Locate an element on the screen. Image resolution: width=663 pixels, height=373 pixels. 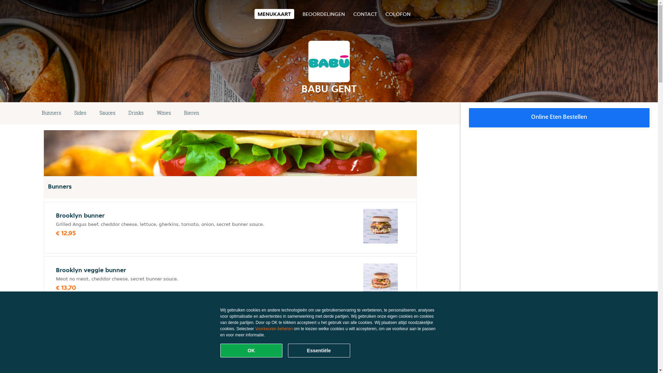
'COLOFON' is located at coordinates (398, 14).